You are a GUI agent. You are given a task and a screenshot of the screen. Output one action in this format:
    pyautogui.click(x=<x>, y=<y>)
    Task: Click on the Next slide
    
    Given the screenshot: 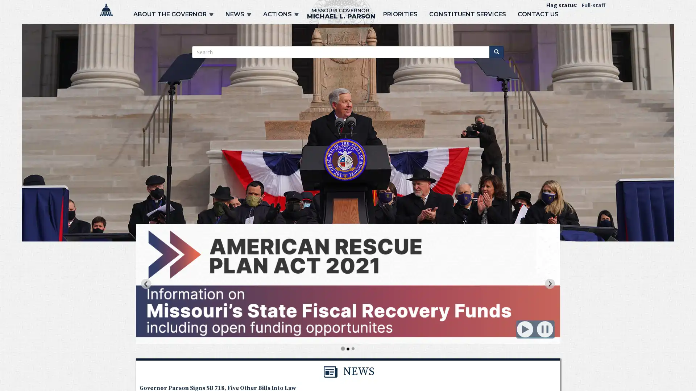 What is the action you would take?
    pyautogui.click(x=550, y=283)
    